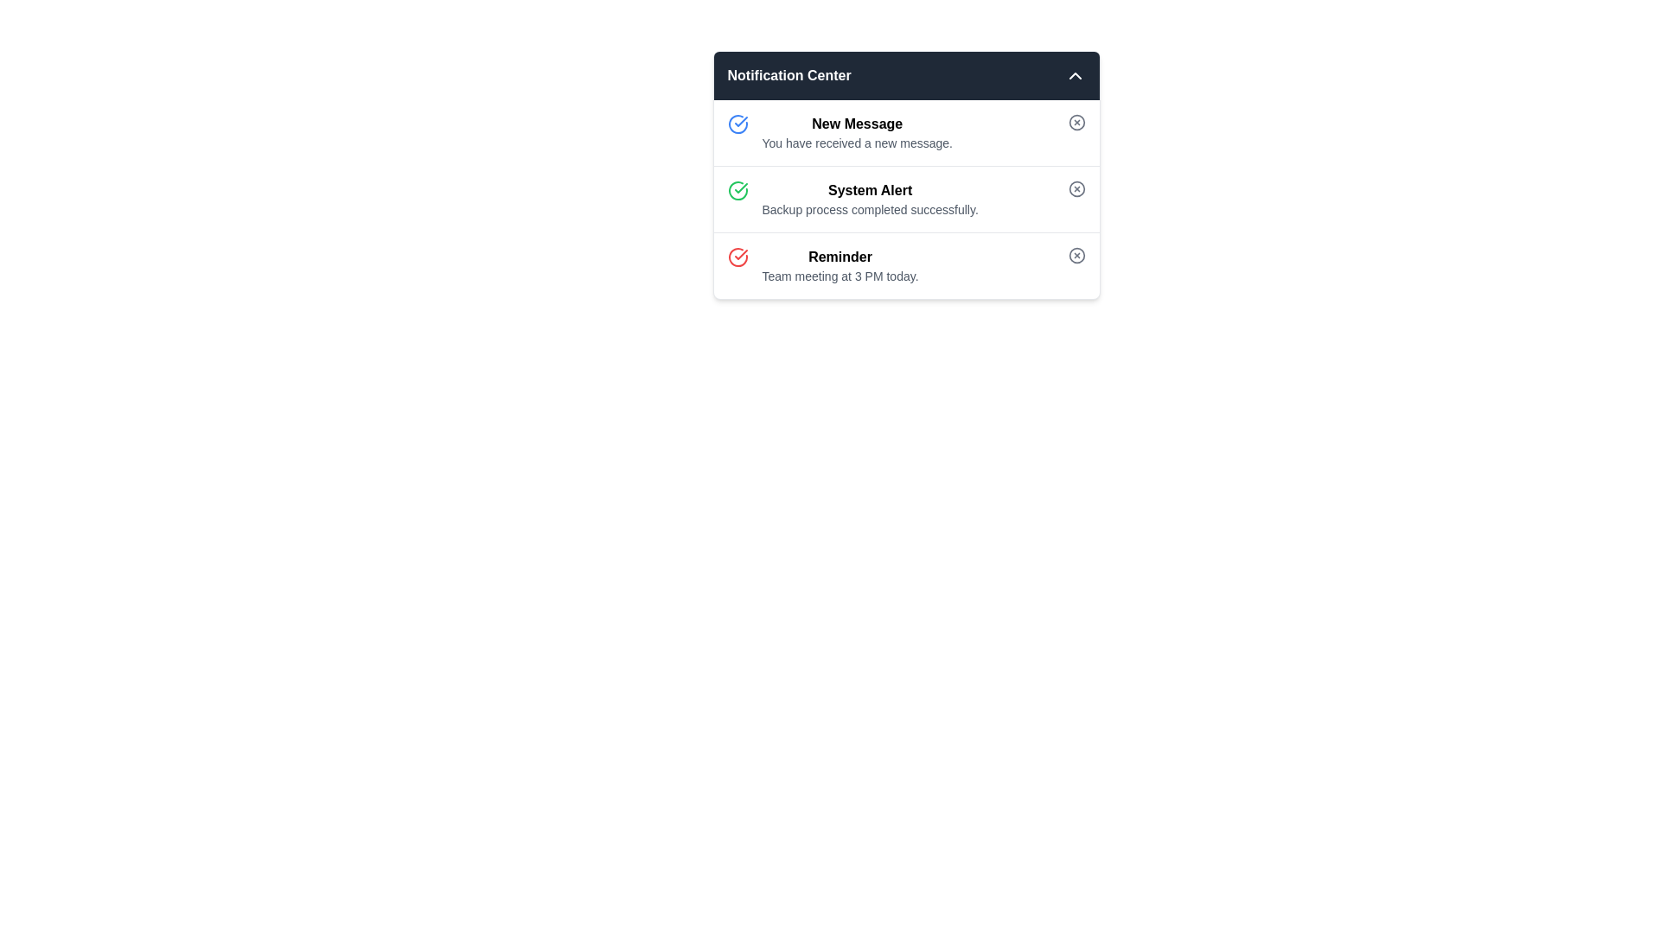  Describe the element at coordinates (741, 188) in the screenshot. I see `the green checkmark icon within the circular outline, associated with the 'System Alert' notification` at that location.